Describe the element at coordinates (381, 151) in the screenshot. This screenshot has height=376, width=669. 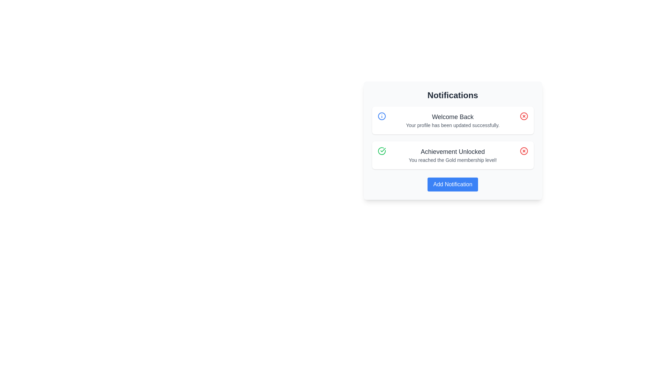
I see `the circular green icon with a checkmark inside, indicating a successful action, located to the left of the text 'Achievement Unlocked' in the second notification item` at that location.